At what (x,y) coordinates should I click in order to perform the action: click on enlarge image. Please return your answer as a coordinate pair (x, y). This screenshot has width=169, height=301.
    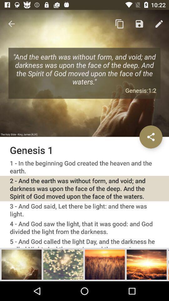
    Looking at the image, I should click on (146, 264).